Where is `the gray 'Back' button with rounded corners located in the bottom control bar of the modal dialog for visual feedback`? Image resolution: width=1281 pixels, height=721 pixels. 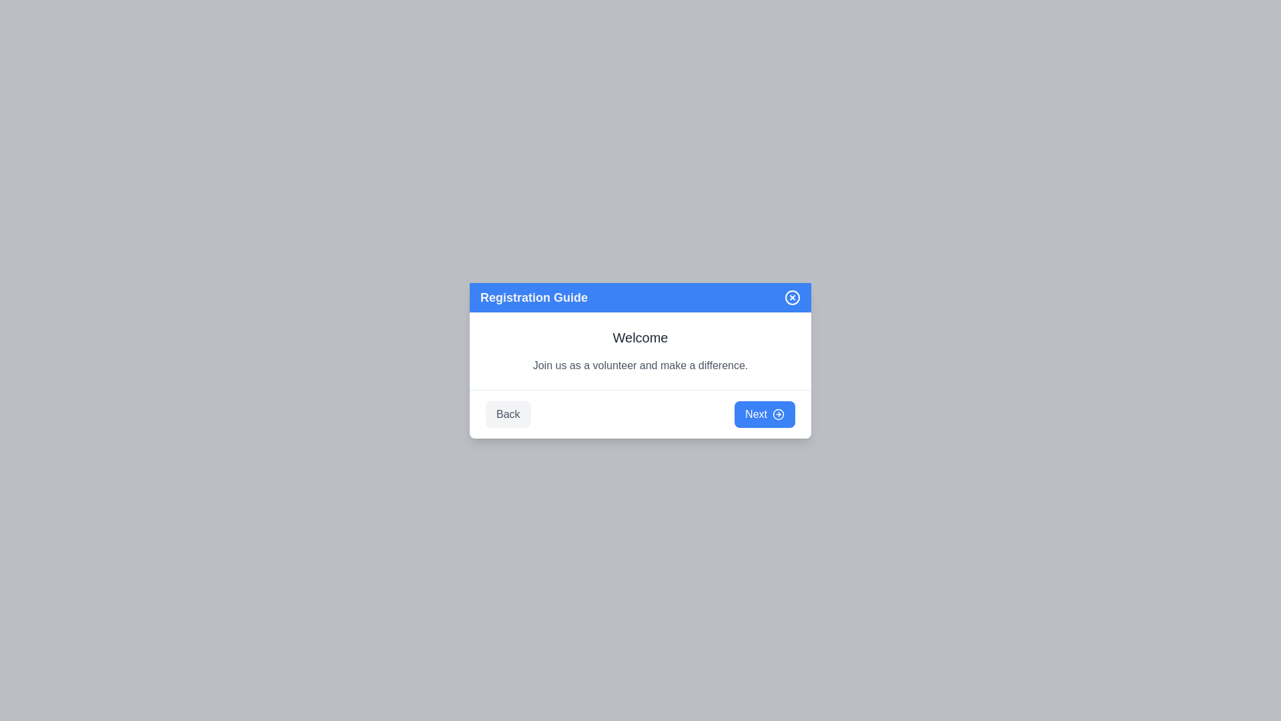 the gray 'Back' button with rounded corners located in the bottom control bar of the modal dialog for visual feedback is located at coordinates (507, 413).